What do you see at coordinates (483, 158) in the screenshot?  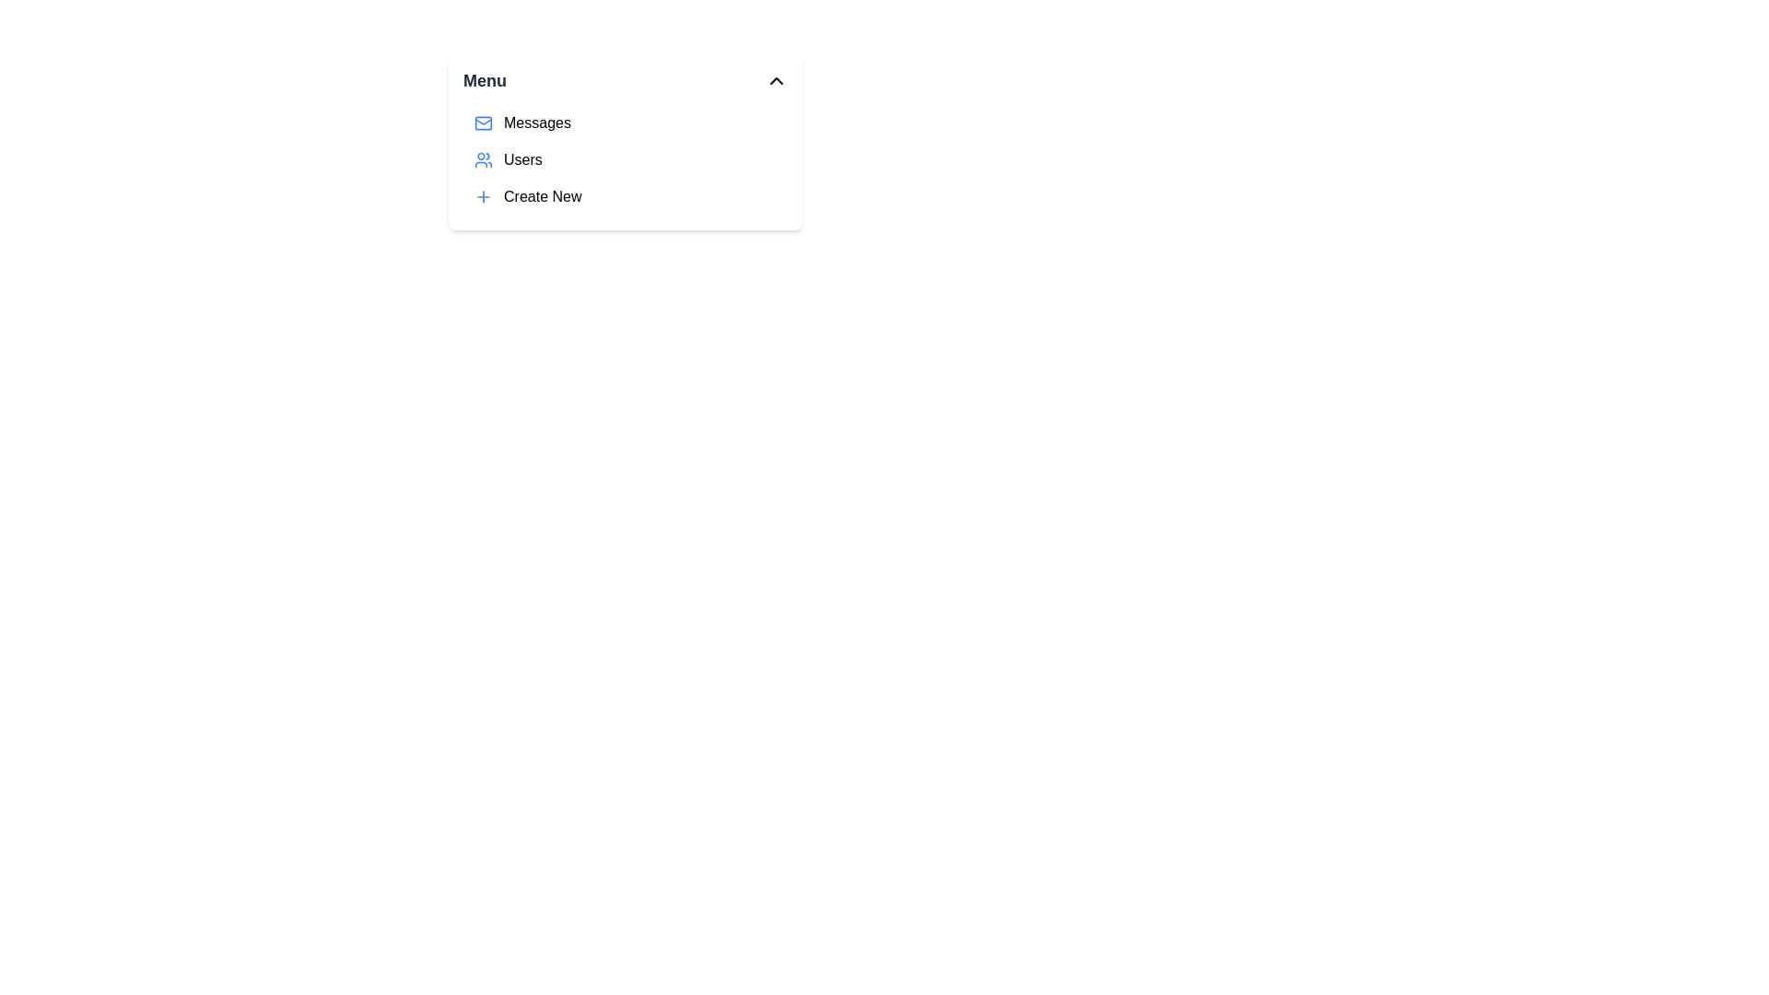 I see `the 'Users' icon located in the menu, specifically the second item in the list, to the left of the 'Users' label` at bounding box center [483, 158].